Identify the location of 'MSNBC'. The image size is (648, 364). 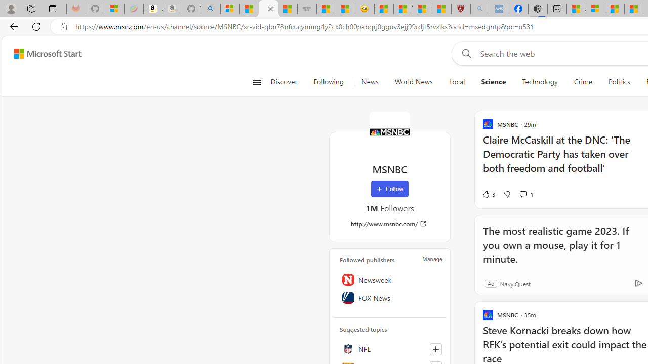
(389, 131).